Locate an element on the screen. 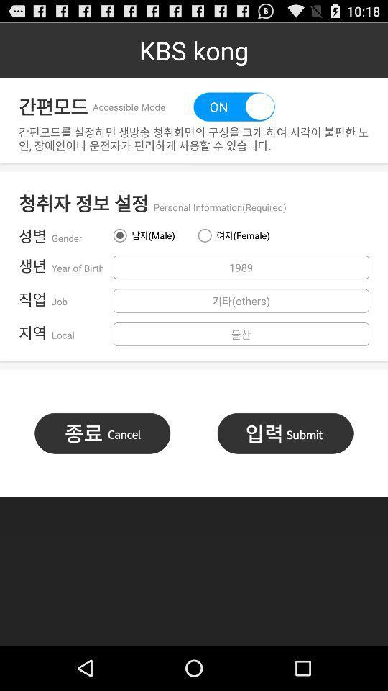 Image resolution: width=388 pixels, height=691 pixels. item above 1989 item is located at coordinates (150, 235).